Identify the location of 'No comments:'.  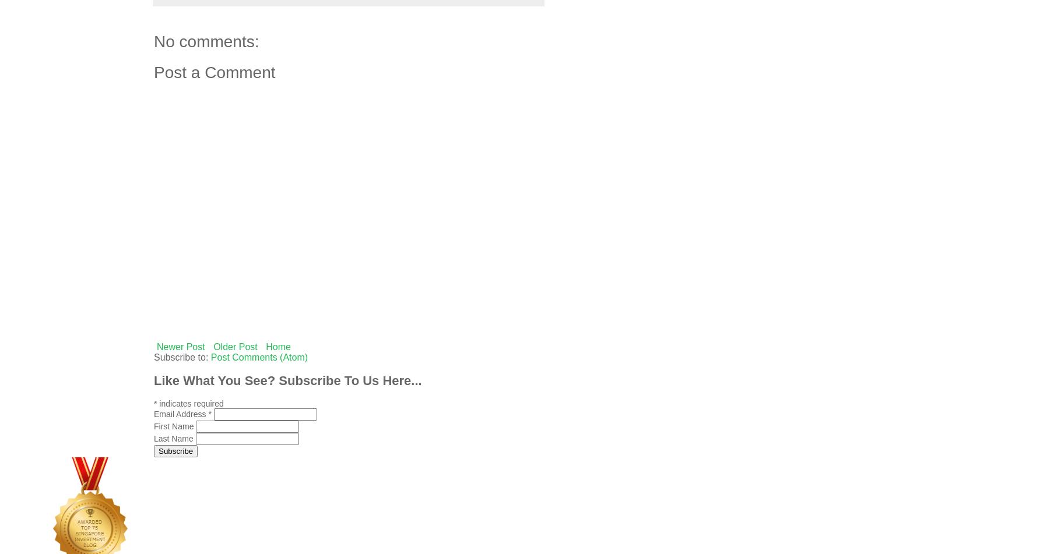
(206, 41).